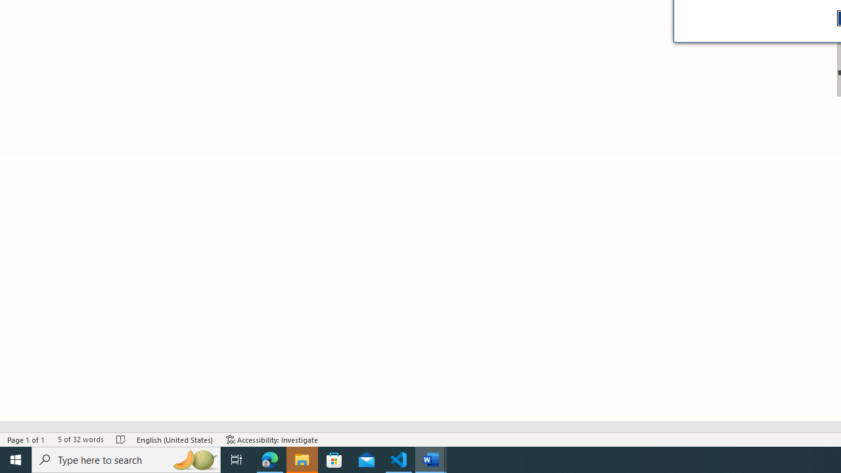  I want to click on 'Spelling and Grammar Check No Errors', so click(121, 439).